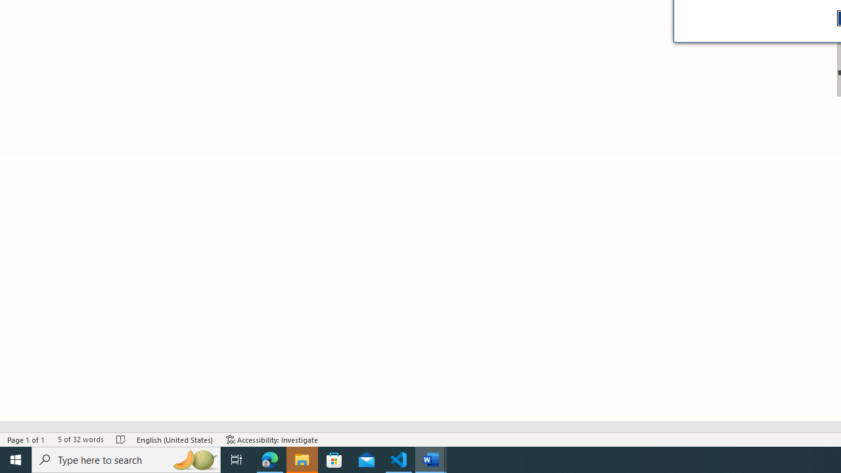  I want to click on 'Spelling and Grammar Check No Errors', so click(121, 439).